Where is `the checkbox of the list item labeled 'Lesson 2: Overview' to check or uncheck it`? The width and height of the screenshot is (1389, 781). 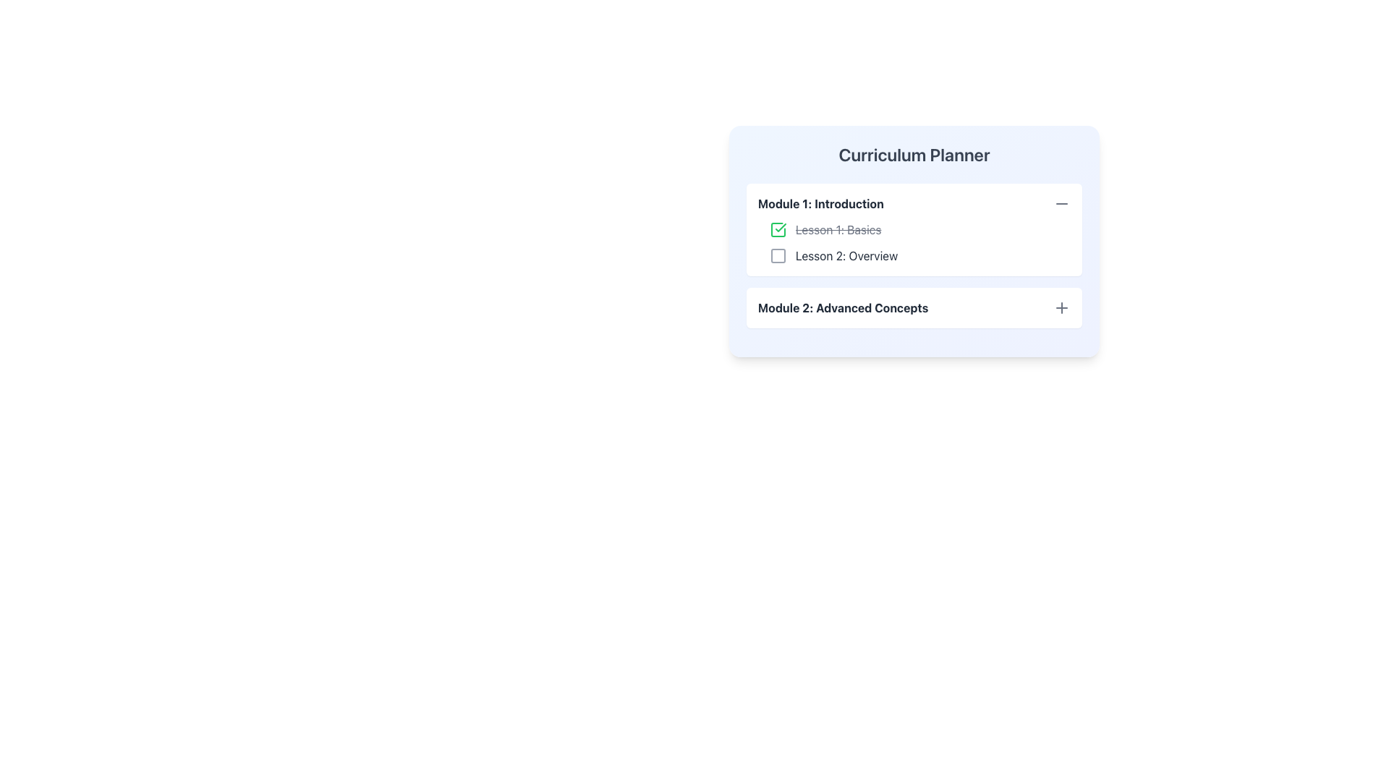 the checkbox of the list item labeled 'Lesson 2: Overview' to check or uncheck it is located at coordinates (919, 255).